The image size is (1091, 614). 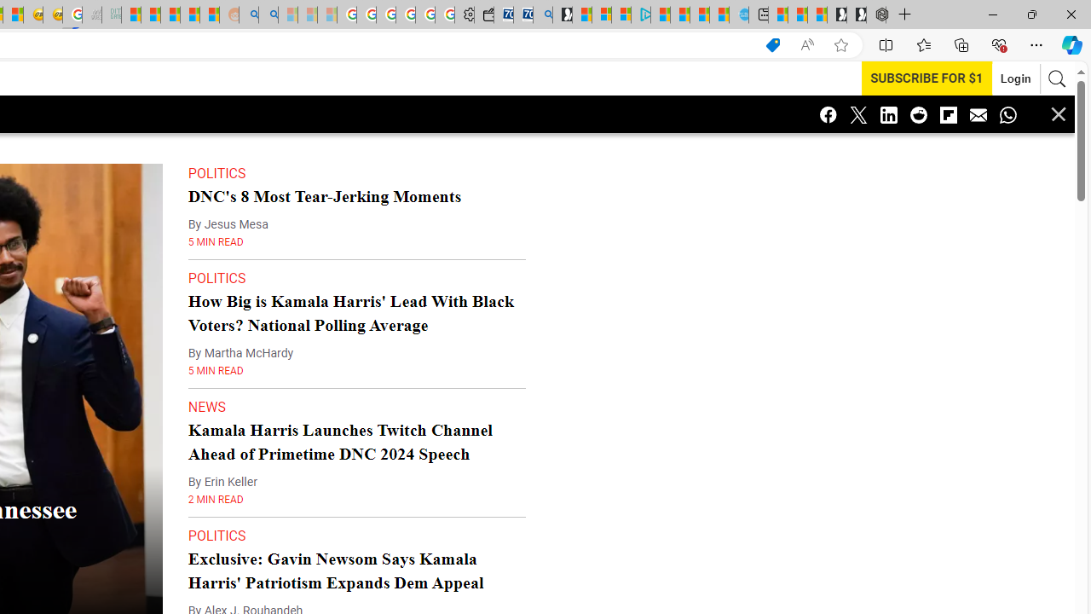 What do you see at coordinates (267, 14) in the screenshot?
I see `'Utah sues federal government - Search'` at bounding box center [267, 14].